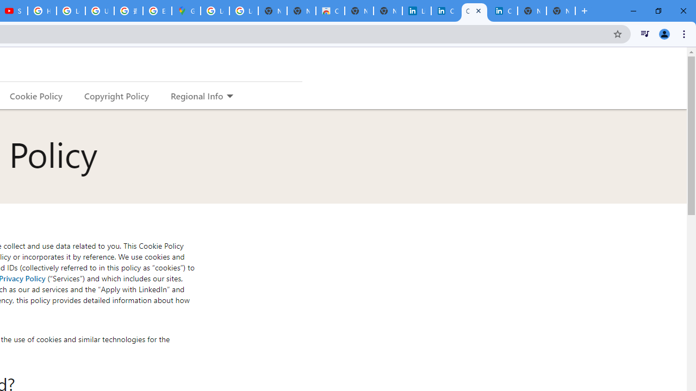  Describe the element at coordinates (186, 11) in the screenshot. I see `'Google Maps'` at that location.